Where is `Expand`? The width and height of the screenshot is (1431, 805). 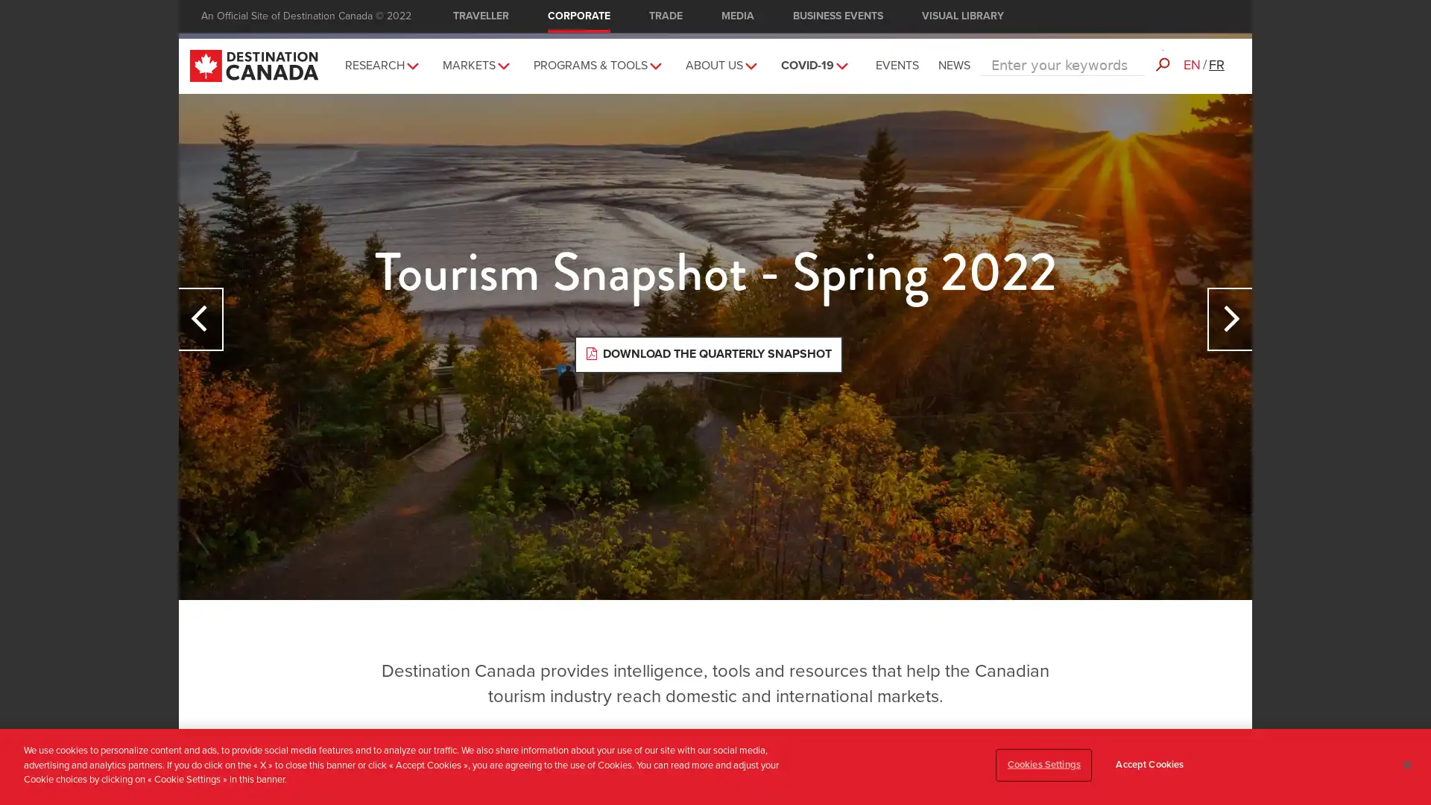
Expand is located at coordinates (748, 60).